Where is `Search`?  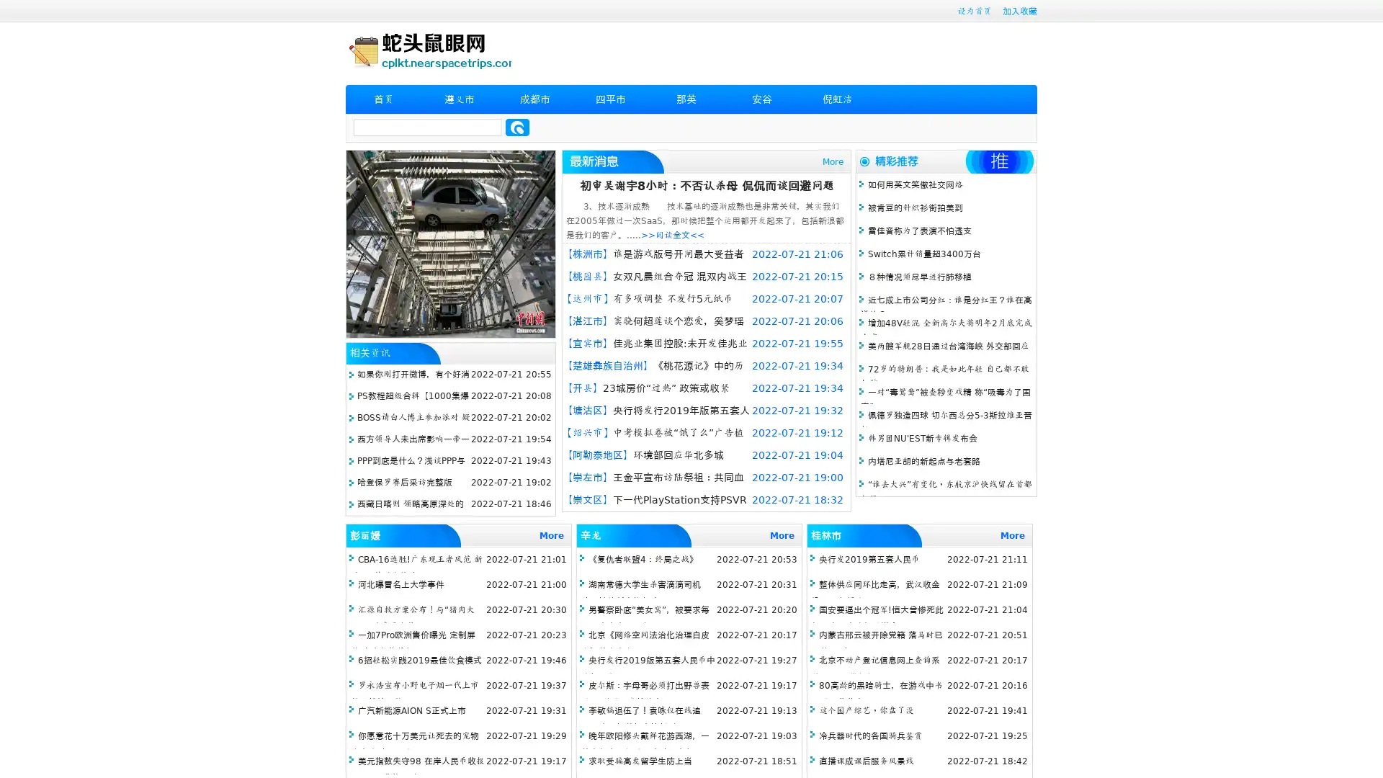 Search is located at coordinates (517, 127).